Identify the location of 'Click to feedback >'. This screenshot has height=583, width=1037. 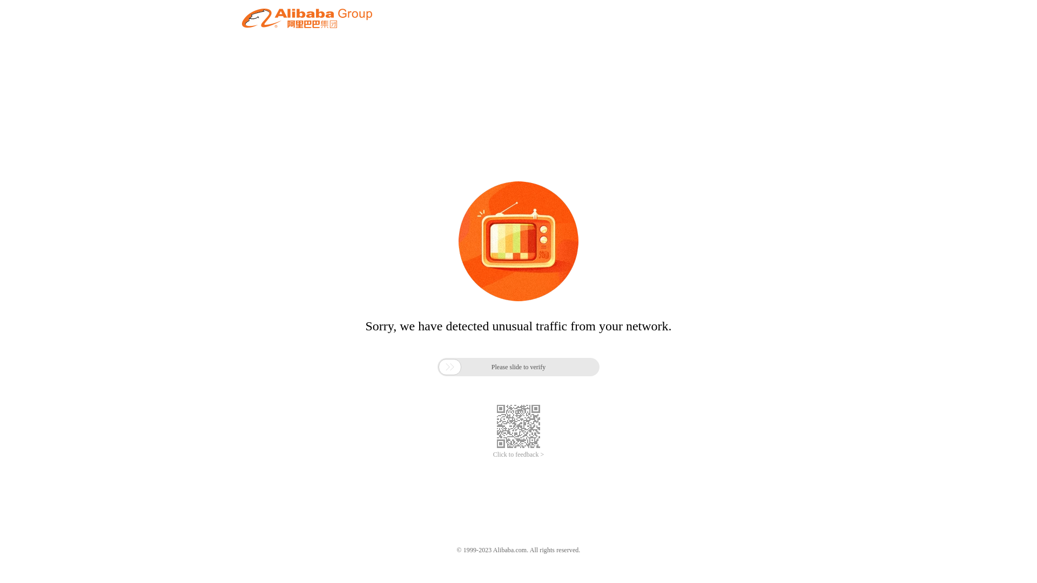
(518, 455).